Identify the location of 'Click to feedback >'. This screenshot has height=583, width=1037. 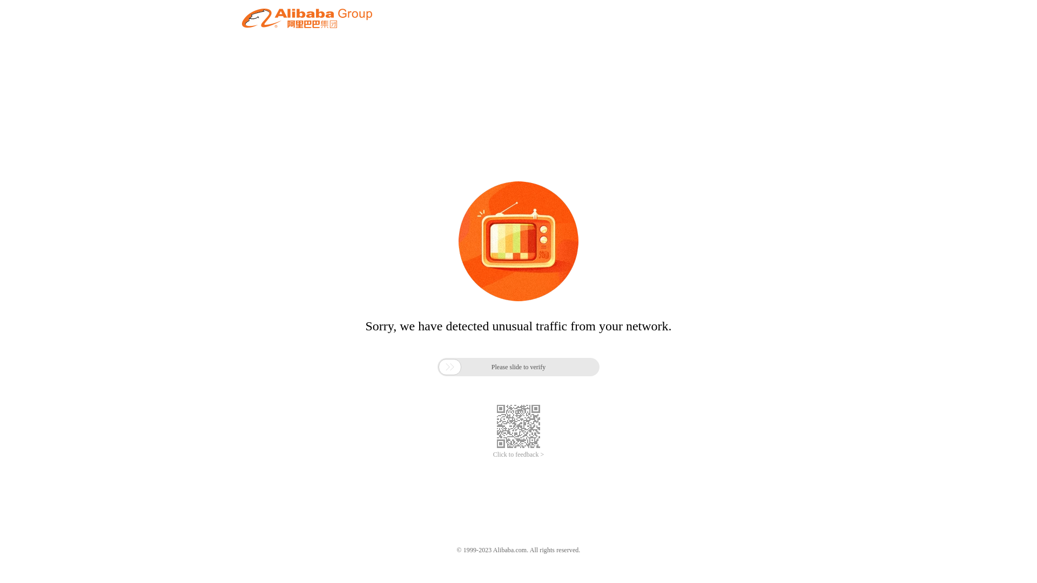
(518, 455).